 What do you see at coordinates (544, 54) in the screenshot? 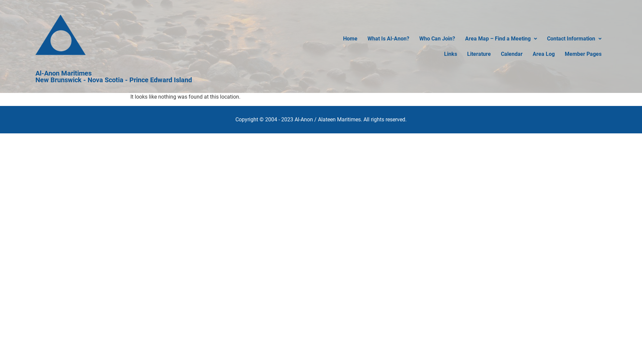
I see `'Area Log'` at bounding box center [544, 54].